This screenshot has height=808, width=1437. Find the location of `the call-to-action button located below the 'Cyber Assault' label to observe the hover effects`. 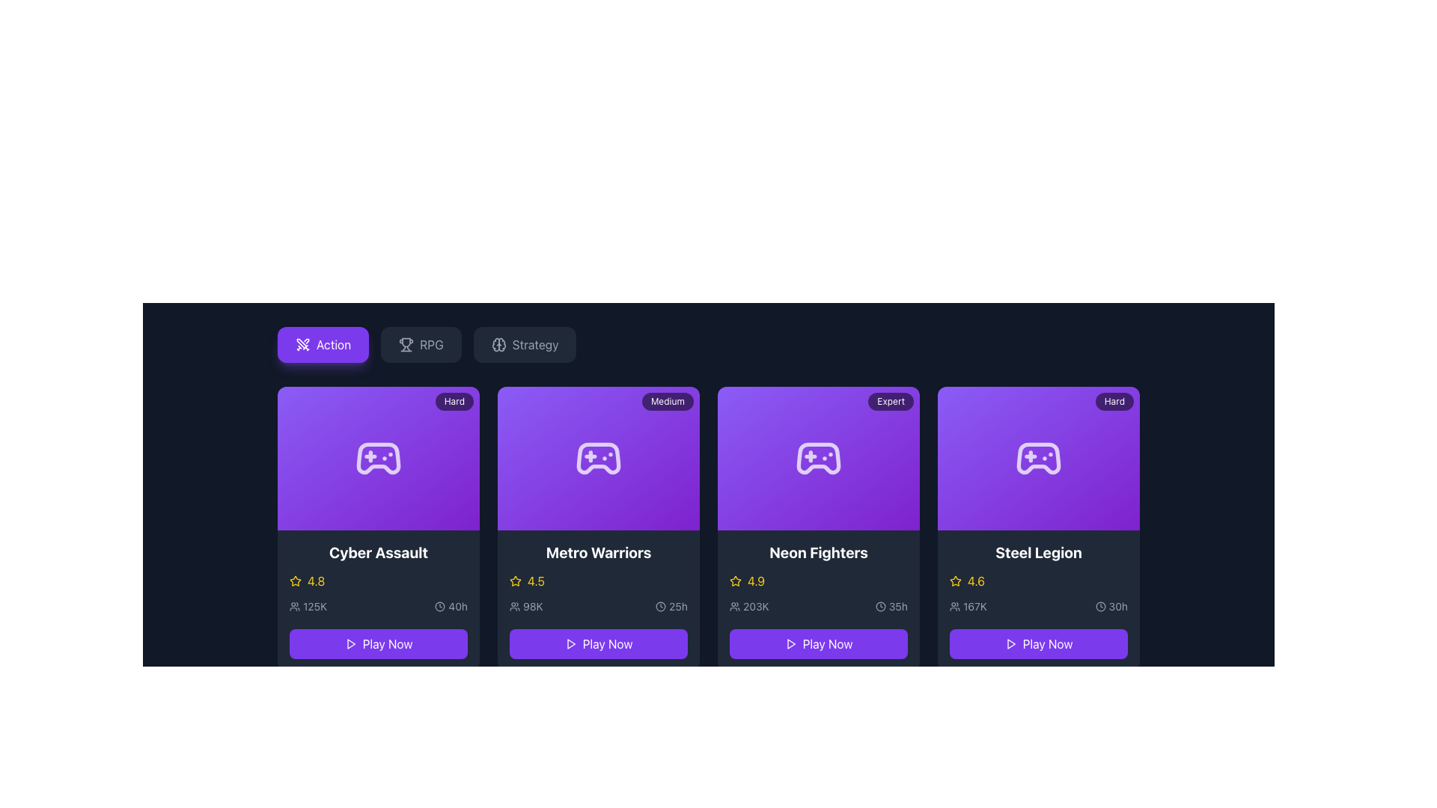

the call-to-action button located below the 'Cyber Assault' label to observe the hover effects is located at coordinates (378, 643).